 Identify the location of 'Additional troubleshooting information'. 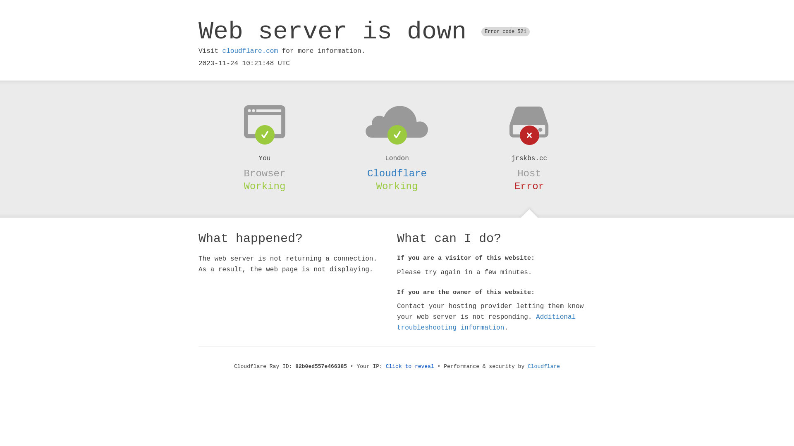
(486, 322).